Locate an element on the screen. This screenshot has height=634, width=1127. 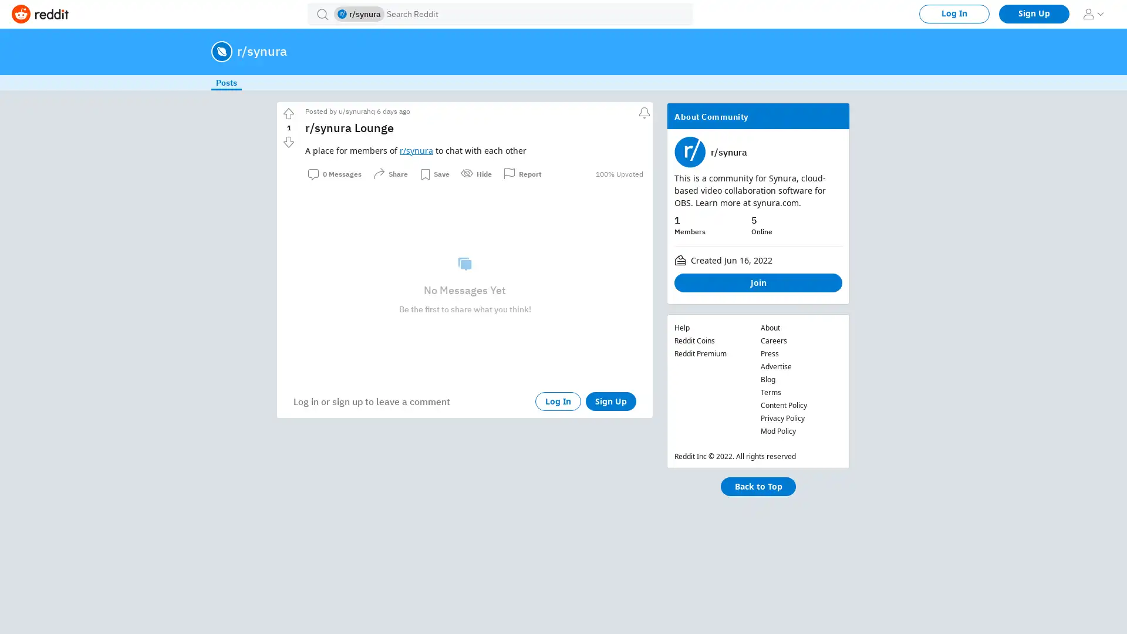
Join is located at coordinates (758, 283).